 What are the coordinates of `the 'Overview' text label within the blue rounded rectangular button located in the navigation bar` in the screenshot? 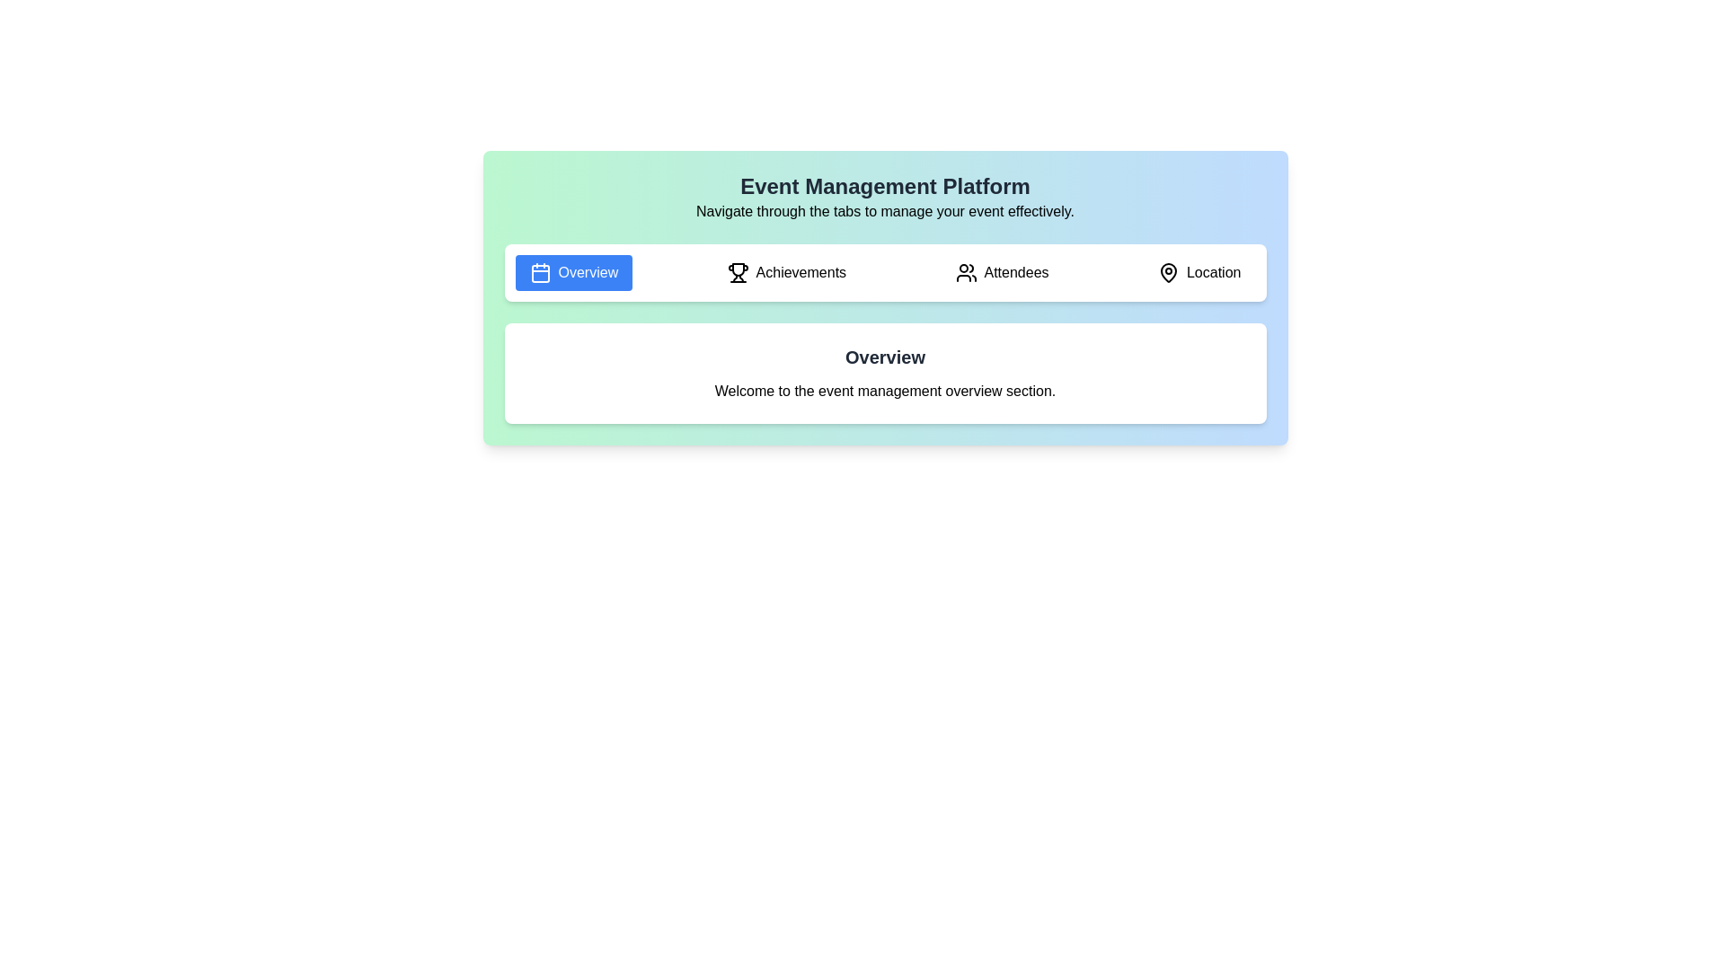 It's located at (588, 273).